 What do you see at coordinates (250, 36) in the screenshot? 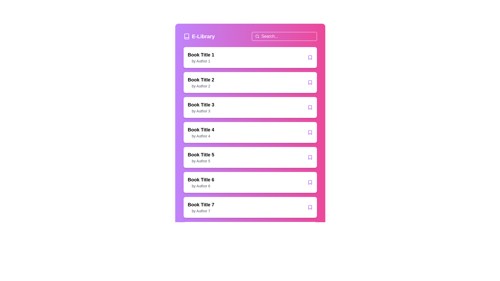
I see `the 'E-Library' header text with the accompanying book icon, which is prominently placed in the upper section of the interface with a colorful gradient background` at bounding box center [250, 36].